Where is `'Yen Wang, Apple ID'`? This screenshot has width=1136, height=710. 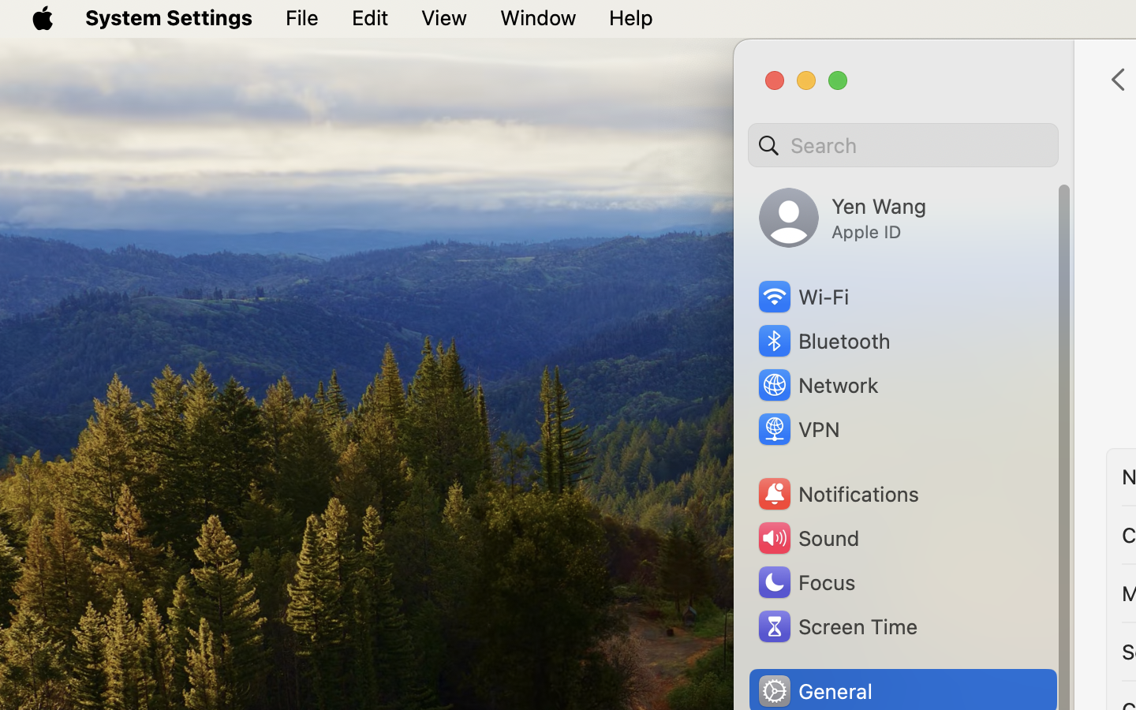 'Yen Wang, Apple ID' is located at coordinates (843, 217).